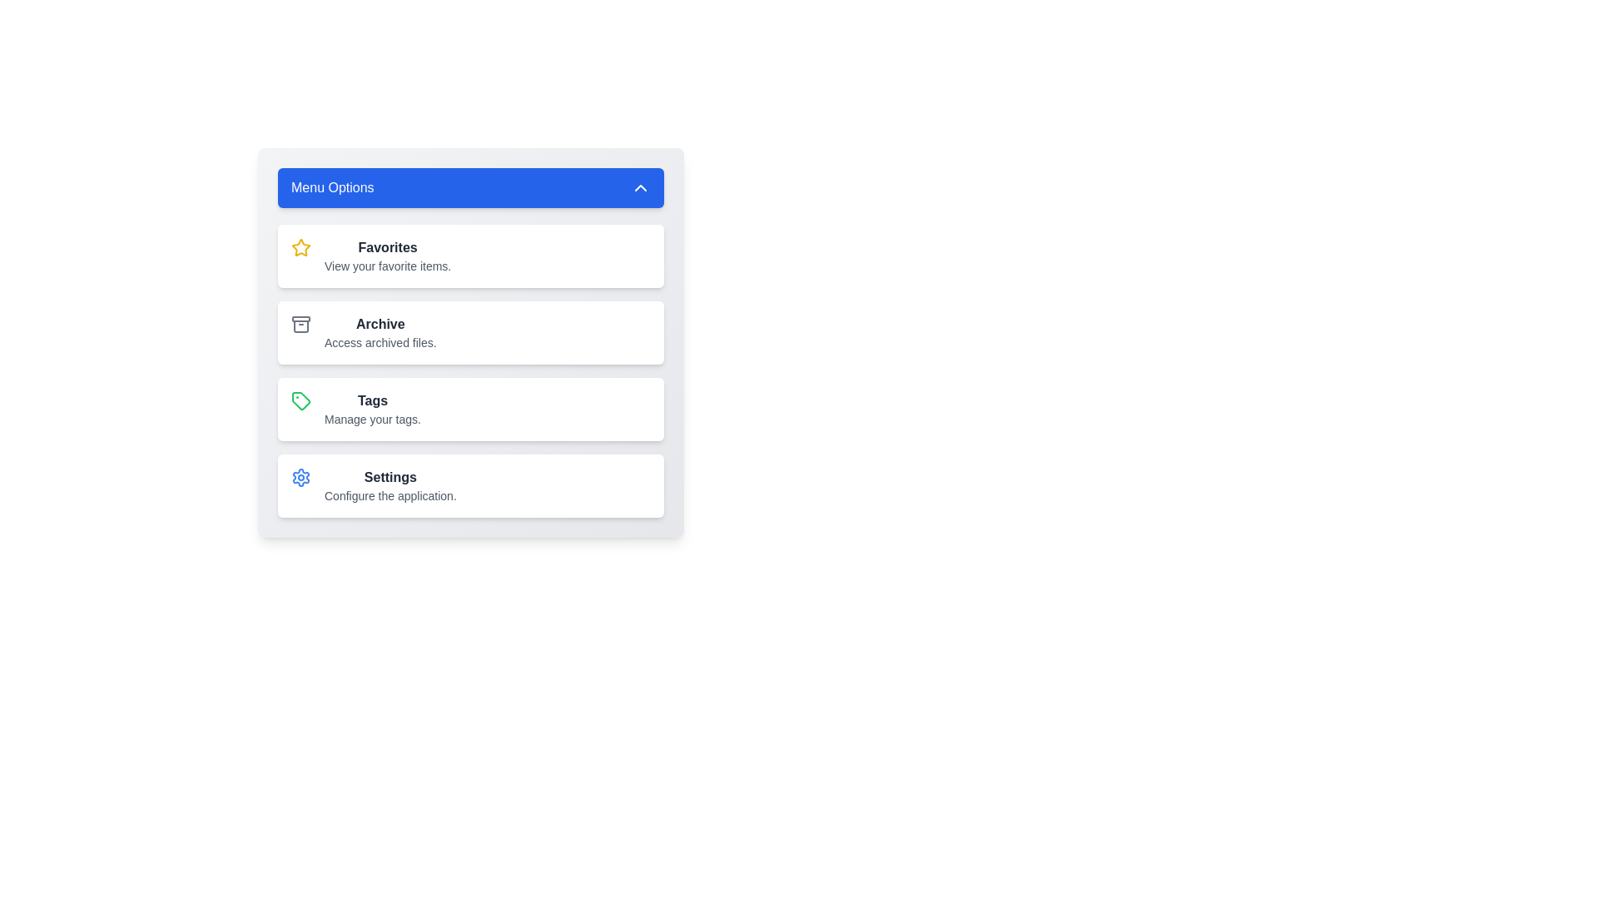 This screenshot has height=899, width=1598. What do you see at coordinates (390, 478) in the screenshot?
I see `the text label displaying 'Settings', which is styled with a bold font and dark gray color, located in the vertical menu layout below the 'Tags' item` at bounding box center [390, 478].